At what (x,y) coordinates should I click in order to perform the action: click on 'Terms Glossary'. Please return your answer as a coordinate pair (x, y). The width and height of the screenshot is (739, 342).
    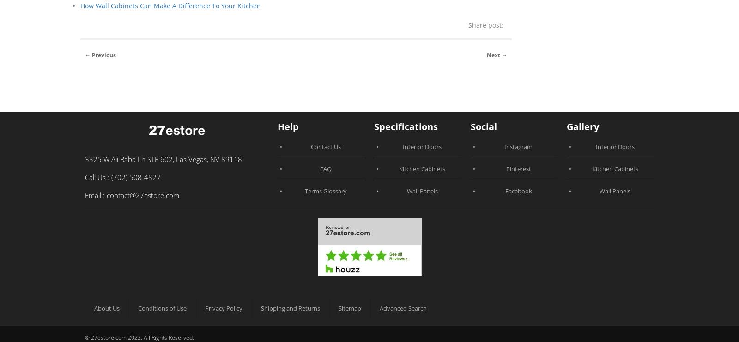
    Looking at the image, I should click on (326, 190).